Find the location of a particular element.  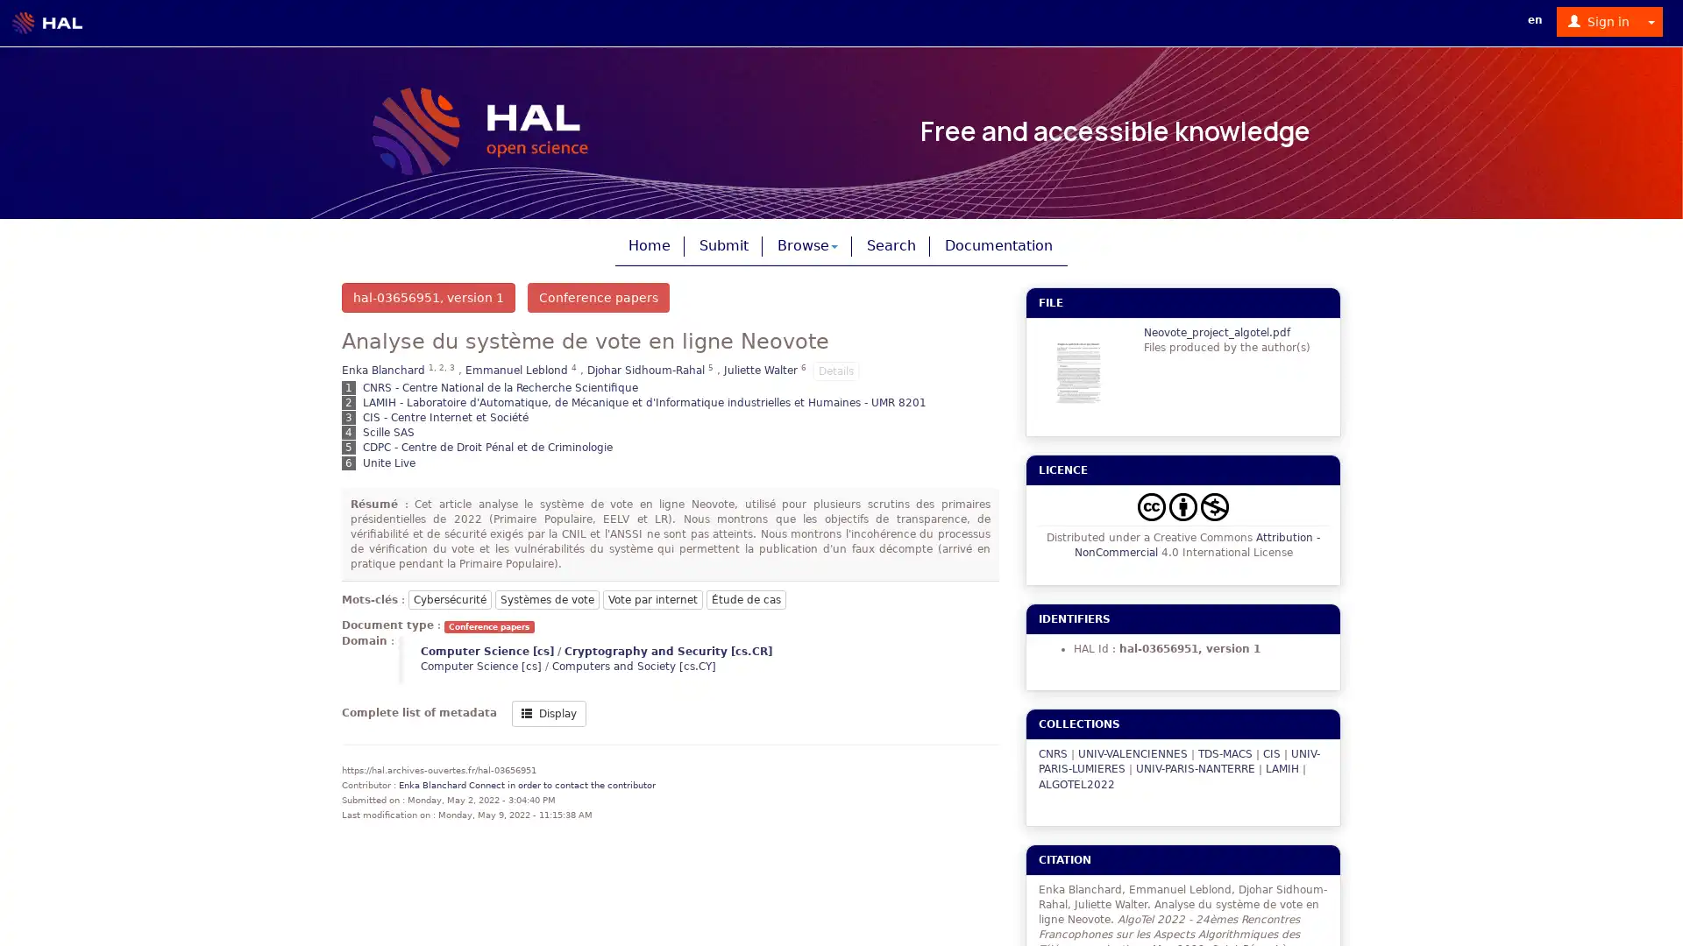

Display is located at coordinates (548, 712).